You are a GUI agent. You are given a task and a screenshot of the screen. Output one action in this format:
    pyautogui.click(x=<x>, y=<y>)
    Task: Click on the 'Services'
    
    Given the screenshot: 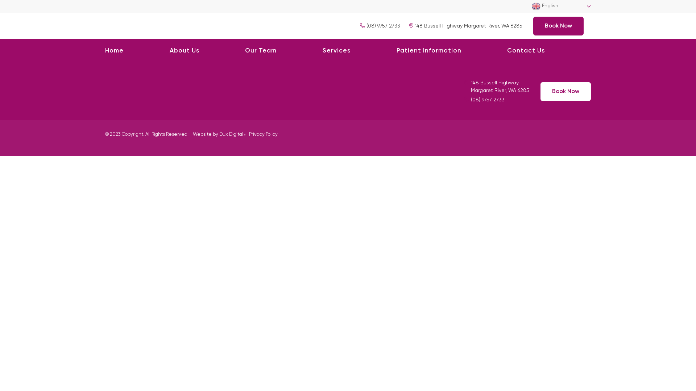 What is the action you would take?
    pyautogui.click(x=336, y=51)
    